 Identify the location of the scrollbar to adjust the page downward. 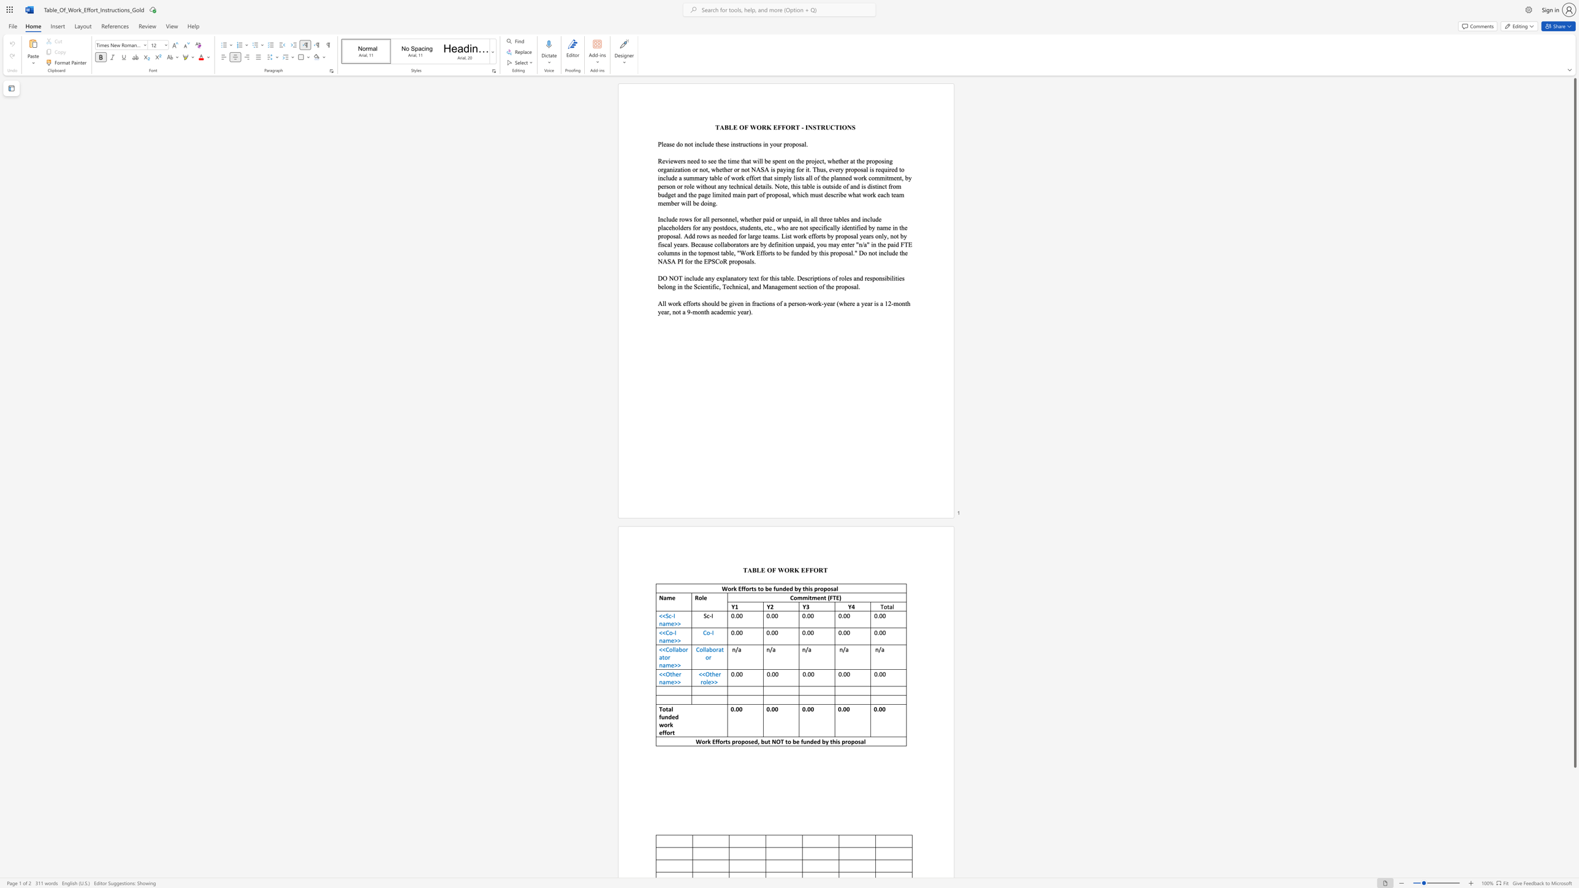
(1574, 859).